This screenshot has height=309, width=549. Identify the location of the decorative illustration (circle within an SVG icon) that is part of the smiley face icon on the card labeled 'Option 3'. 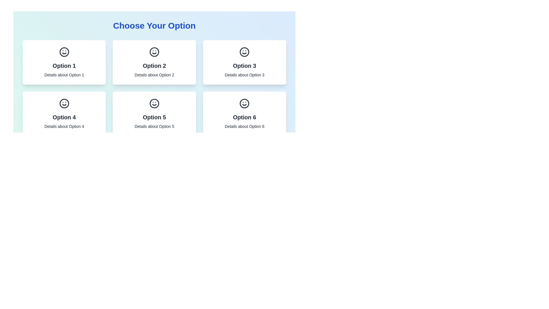
(244, 52).